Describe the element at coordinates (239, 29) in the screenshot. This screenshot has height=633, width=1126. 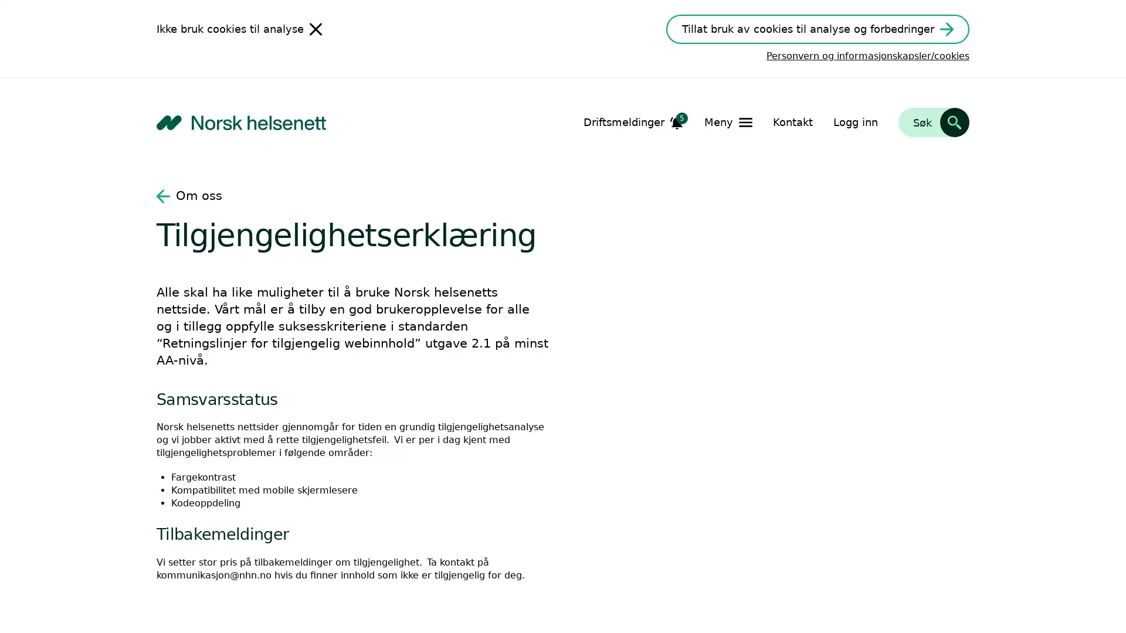
I see `Ikke bruk cookies til analyse` at that location.